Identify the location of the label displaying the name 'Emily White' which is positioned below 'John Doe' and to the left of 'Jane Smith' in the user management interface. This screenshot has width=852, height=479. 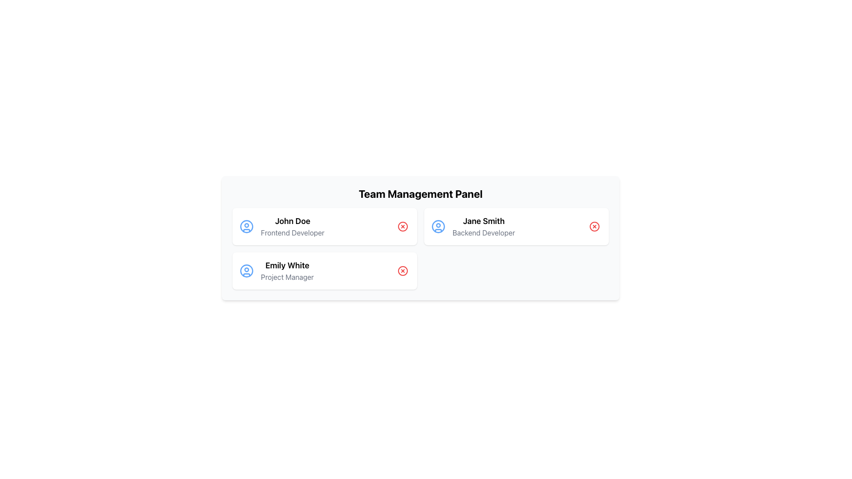
(287, 265).